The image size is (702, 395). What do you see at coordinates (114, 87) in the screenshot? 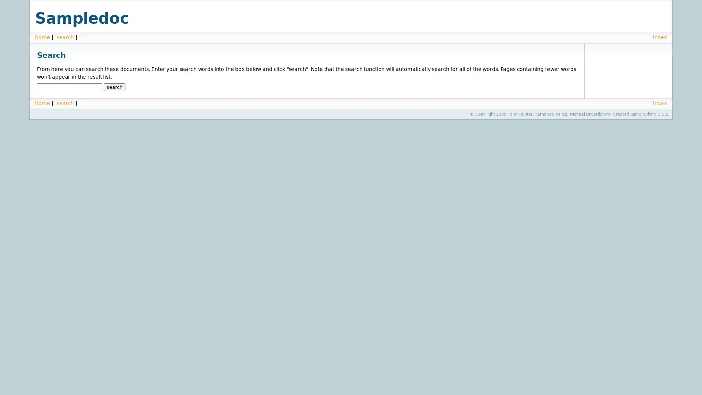
I see `search` at bounding box center [114, 87].